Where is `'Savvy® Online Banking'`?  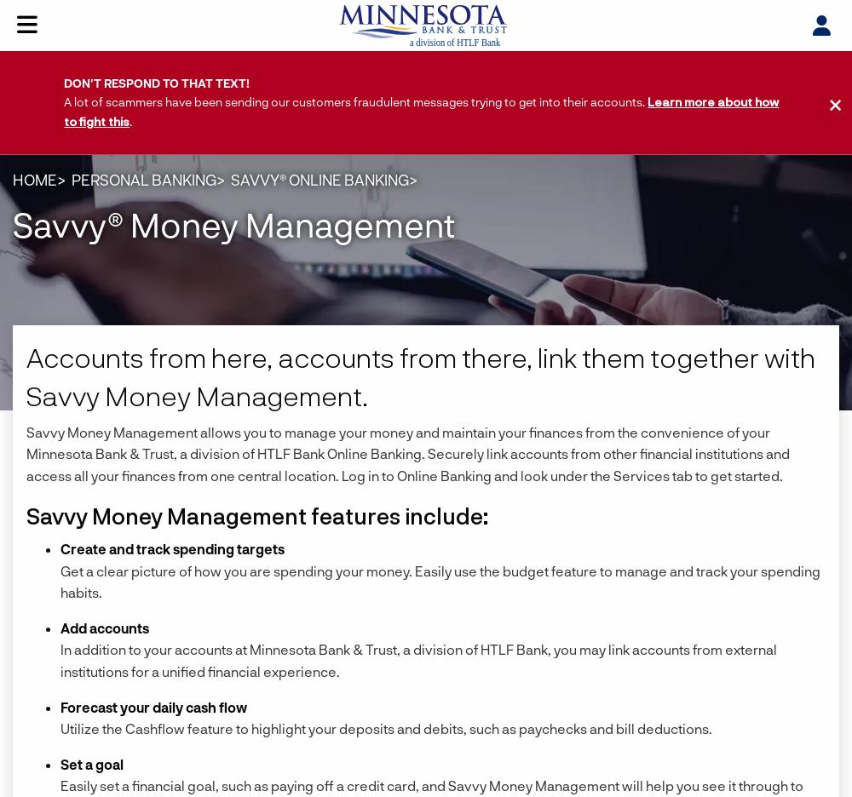 'Savvy® Online Banking' is located at coordinates (319, 179).